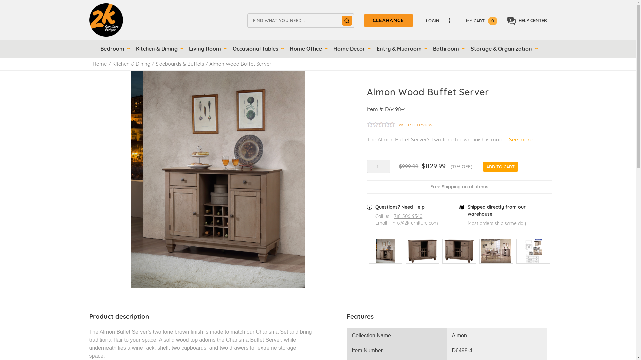 This screenshot has height=360, width=641. What do you see at coordinates (206, 48) in the screenshot?
I see `'Living Room'` at bounding box center [206, 48].